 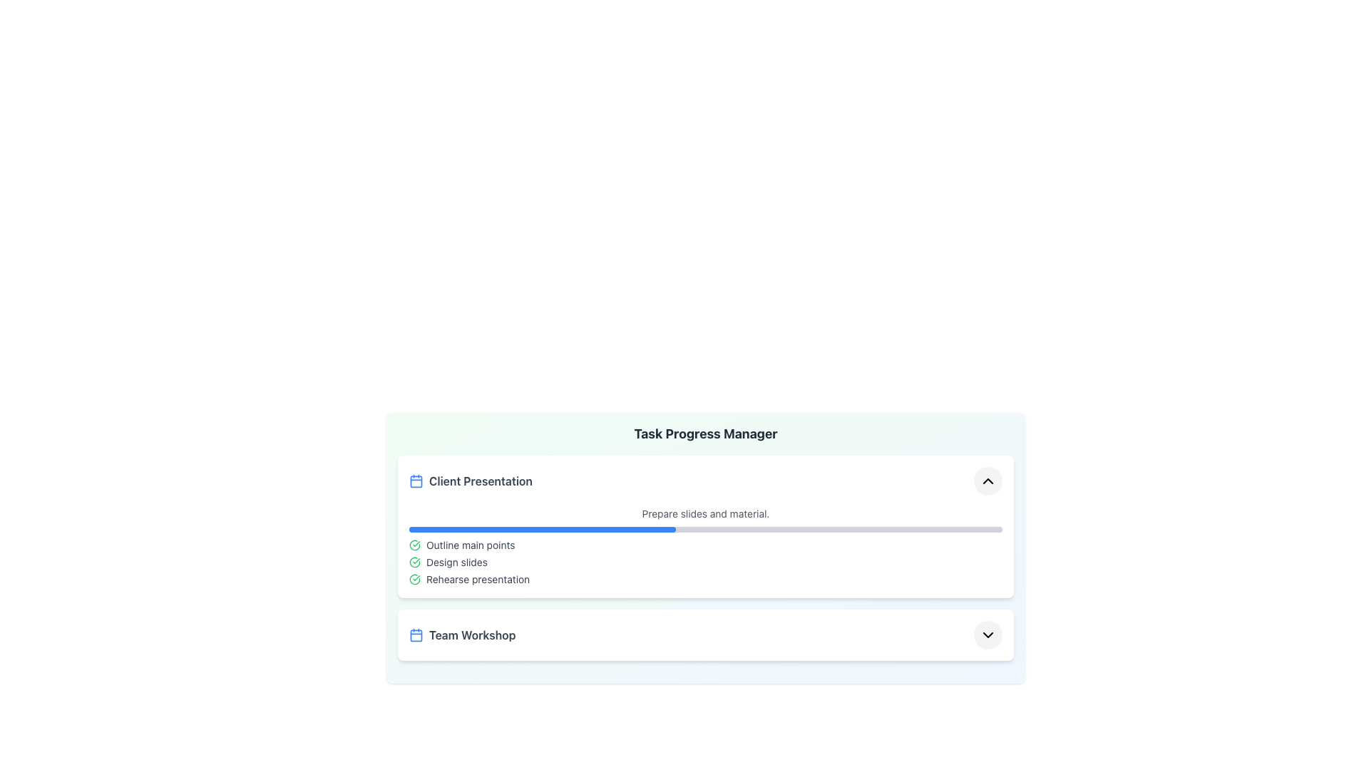 What do you see at coordinates (472, 635) in the screenshot?
I see `the bold text label reading 'Team Workshop' located at the bottom of the task card, below the 'Client Presentation' section` at bounding box center [472, 635].